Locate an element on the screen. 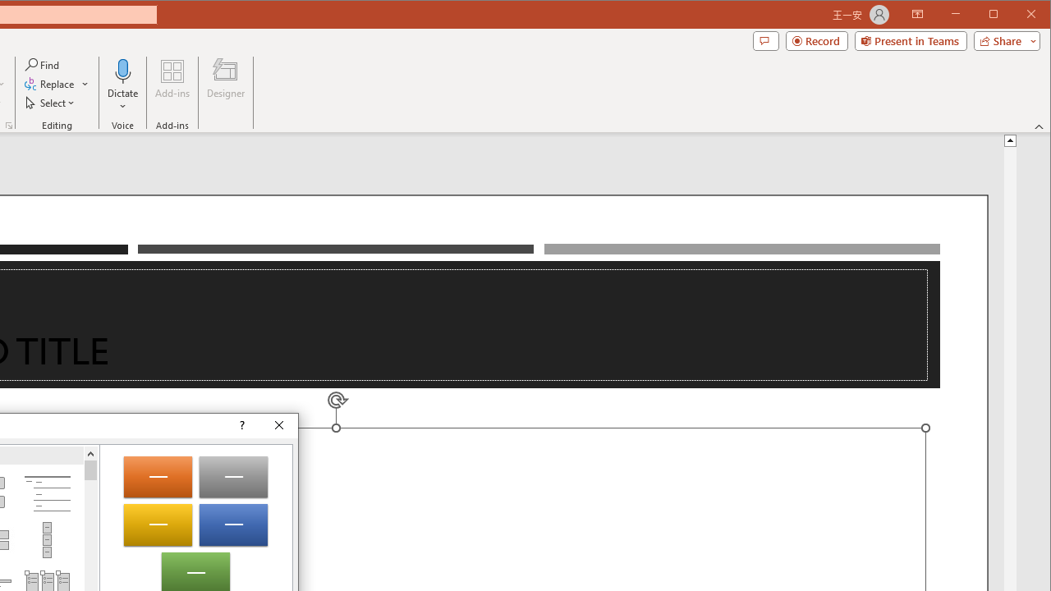  'Lined List' is located at coordinates (47, 492).